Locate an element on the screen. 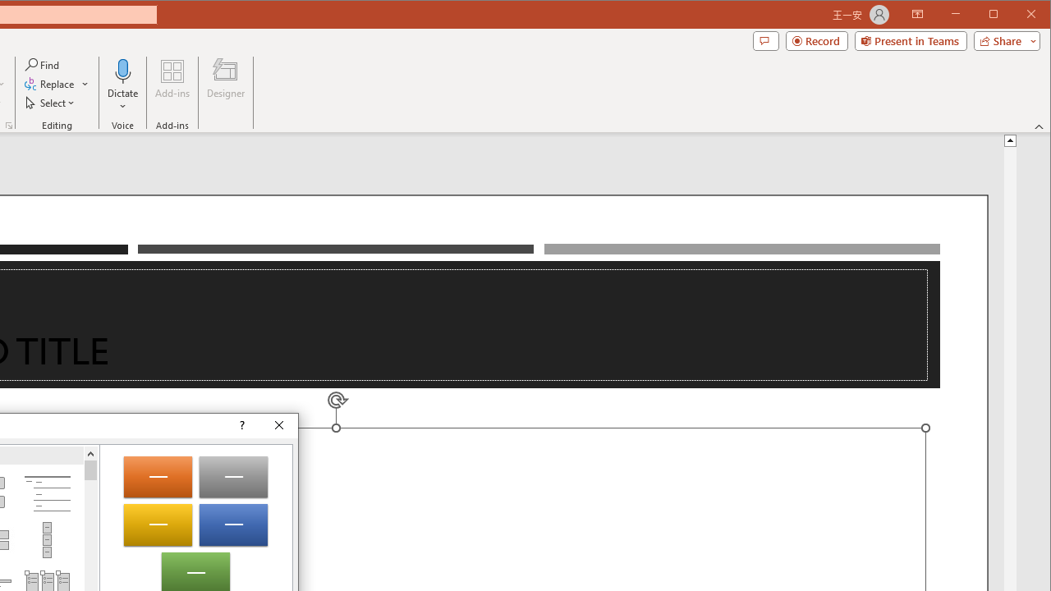  'Lined List' is located at coordinates (47, 492).